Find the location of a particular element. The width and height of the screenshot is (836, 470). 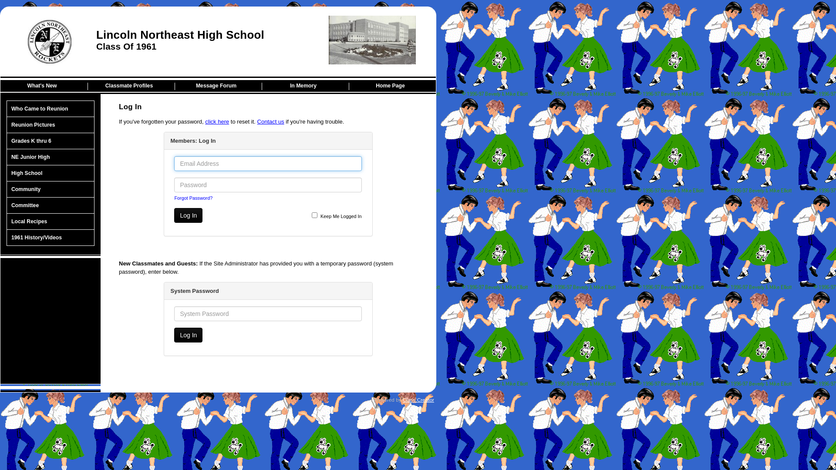

'Committee' is located at coordinates (50, 205).